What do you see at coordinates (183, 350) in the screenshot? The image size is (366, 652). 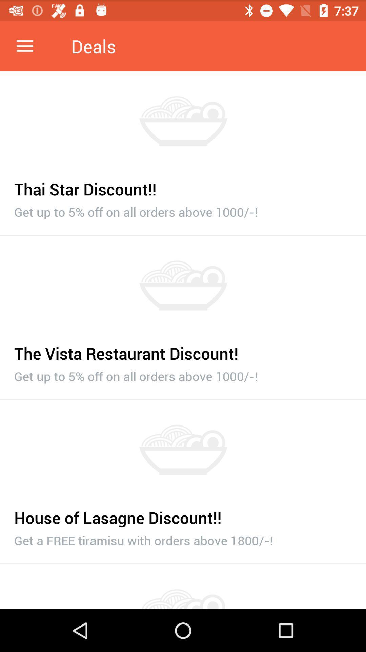 I see `the vista restaurant icon` at bounding box center [183, 350].